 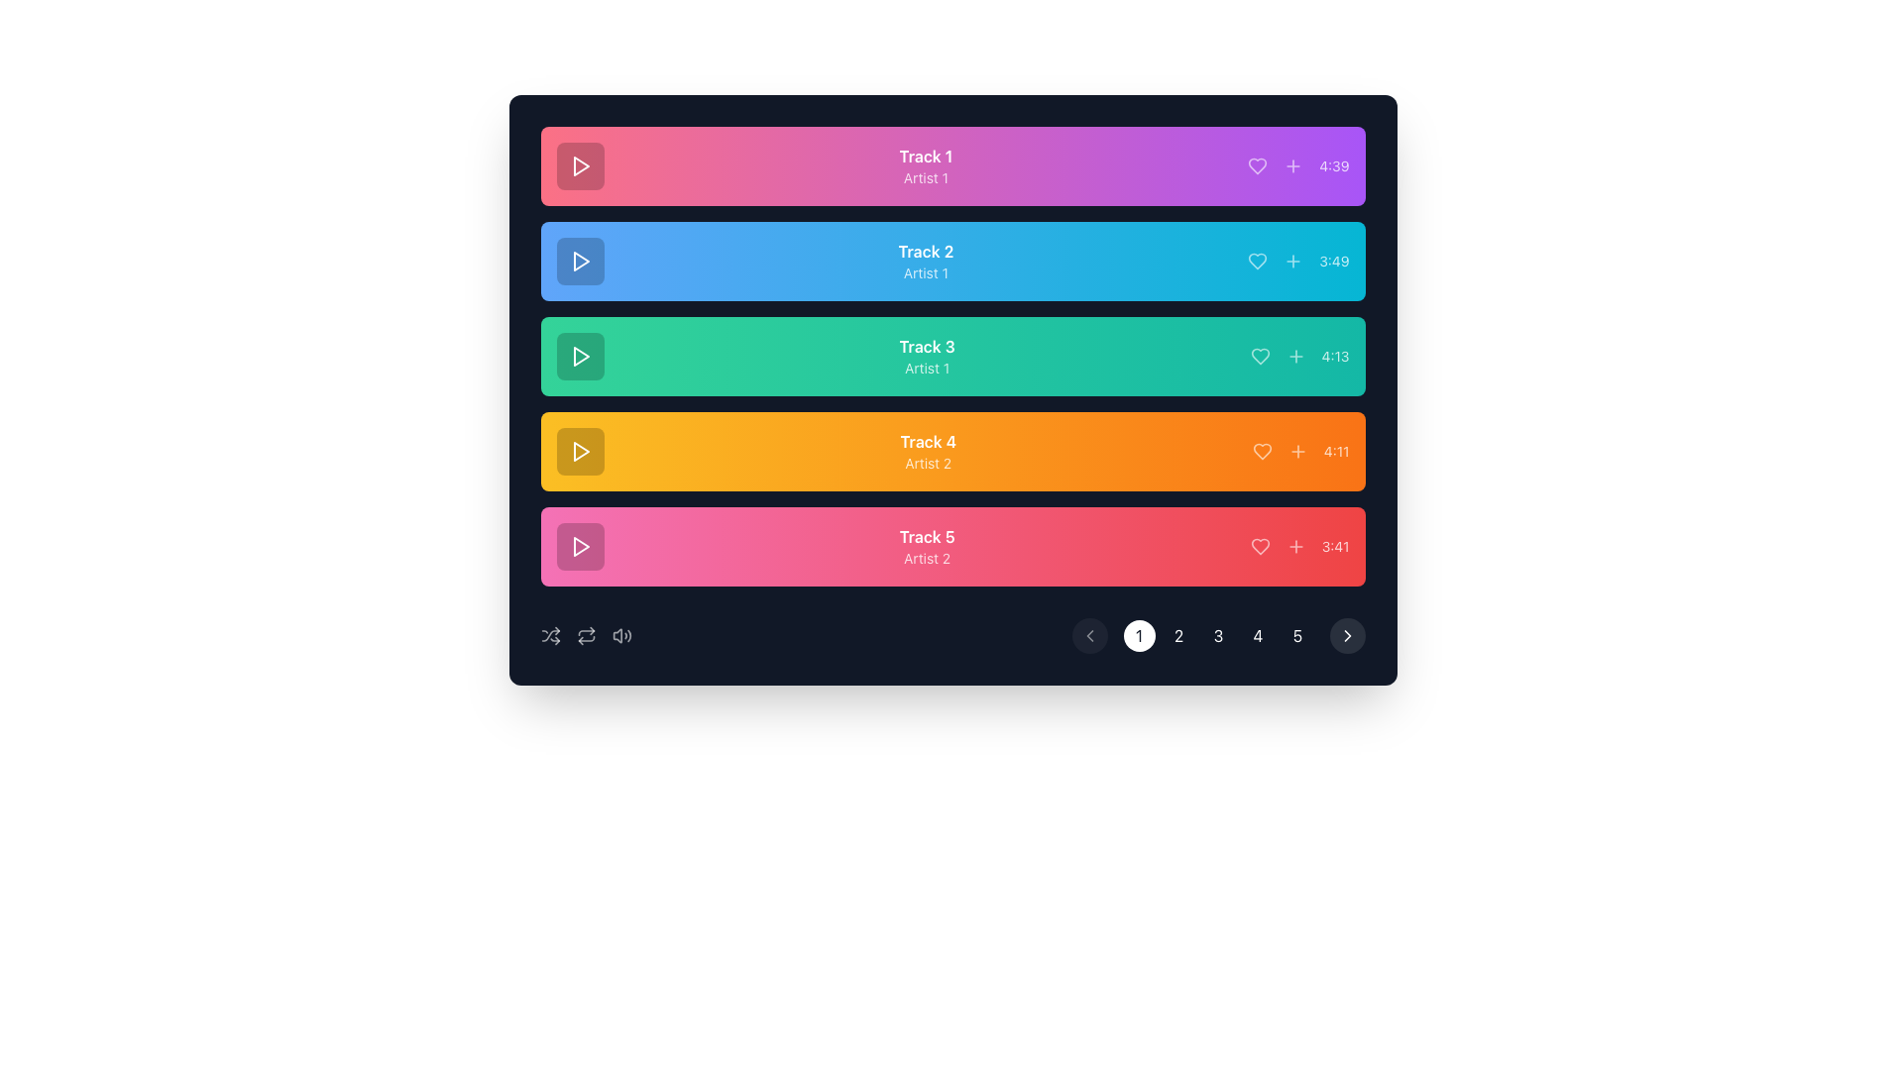 What do you see at coordinates (1256, 260) in the screenshot?
I see `the heart-shaped interactive icon` at bounding box center [1256, 260].